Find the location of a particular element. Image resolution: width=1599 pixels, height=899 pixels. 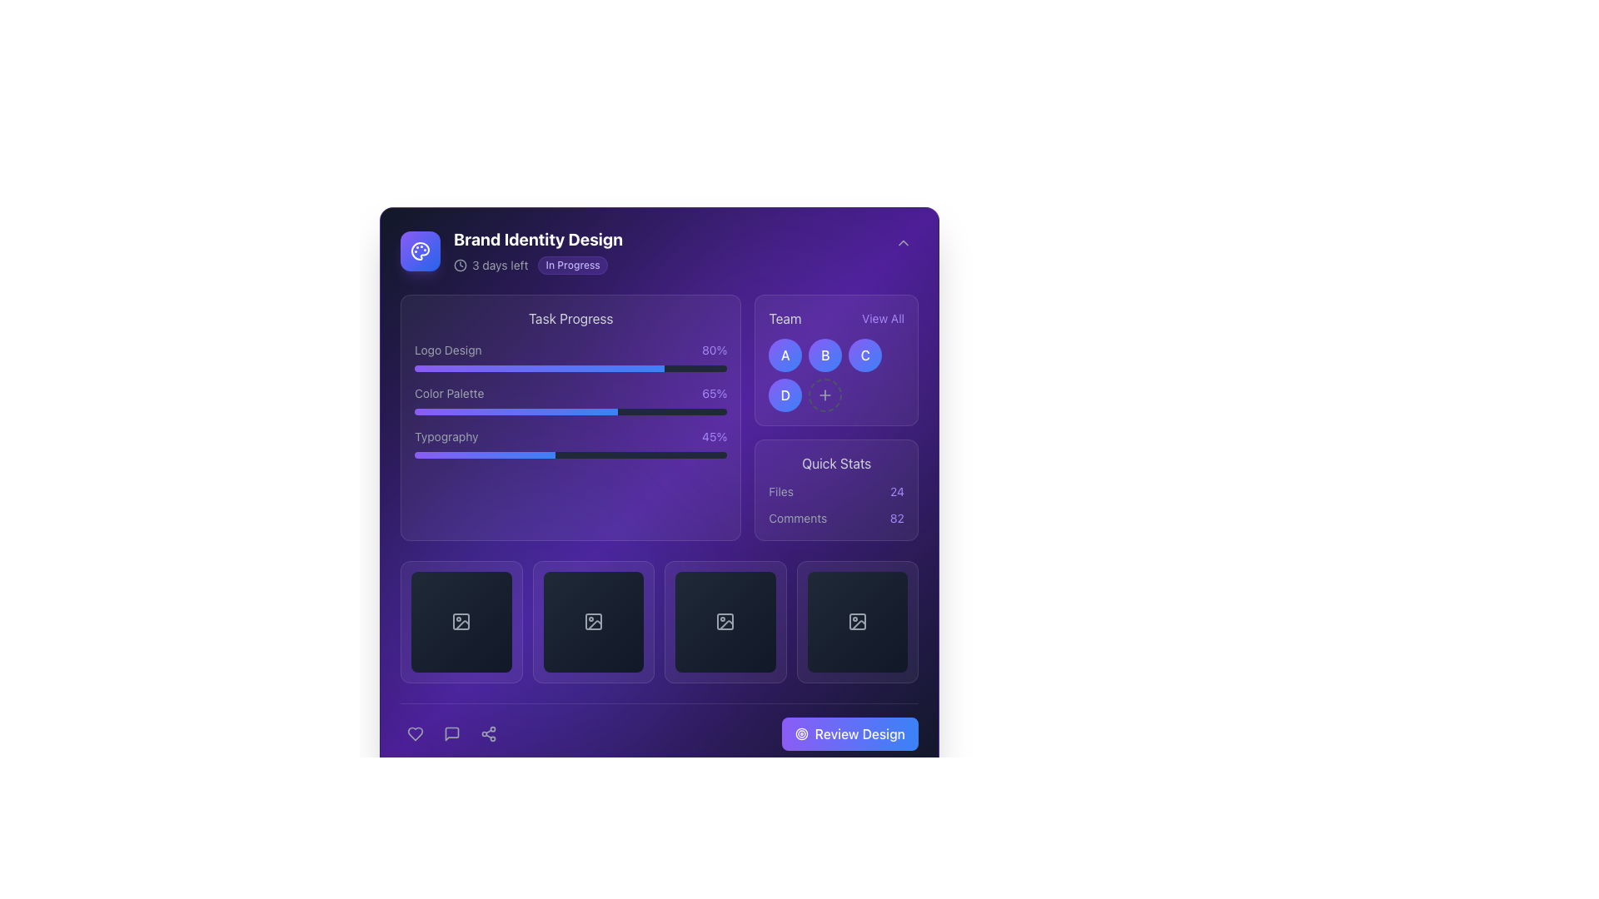

the text displaying '45%' in violet color, which is aligned to the right of the word 'Typography' in the task progress list is located at coordinates (715, 435).